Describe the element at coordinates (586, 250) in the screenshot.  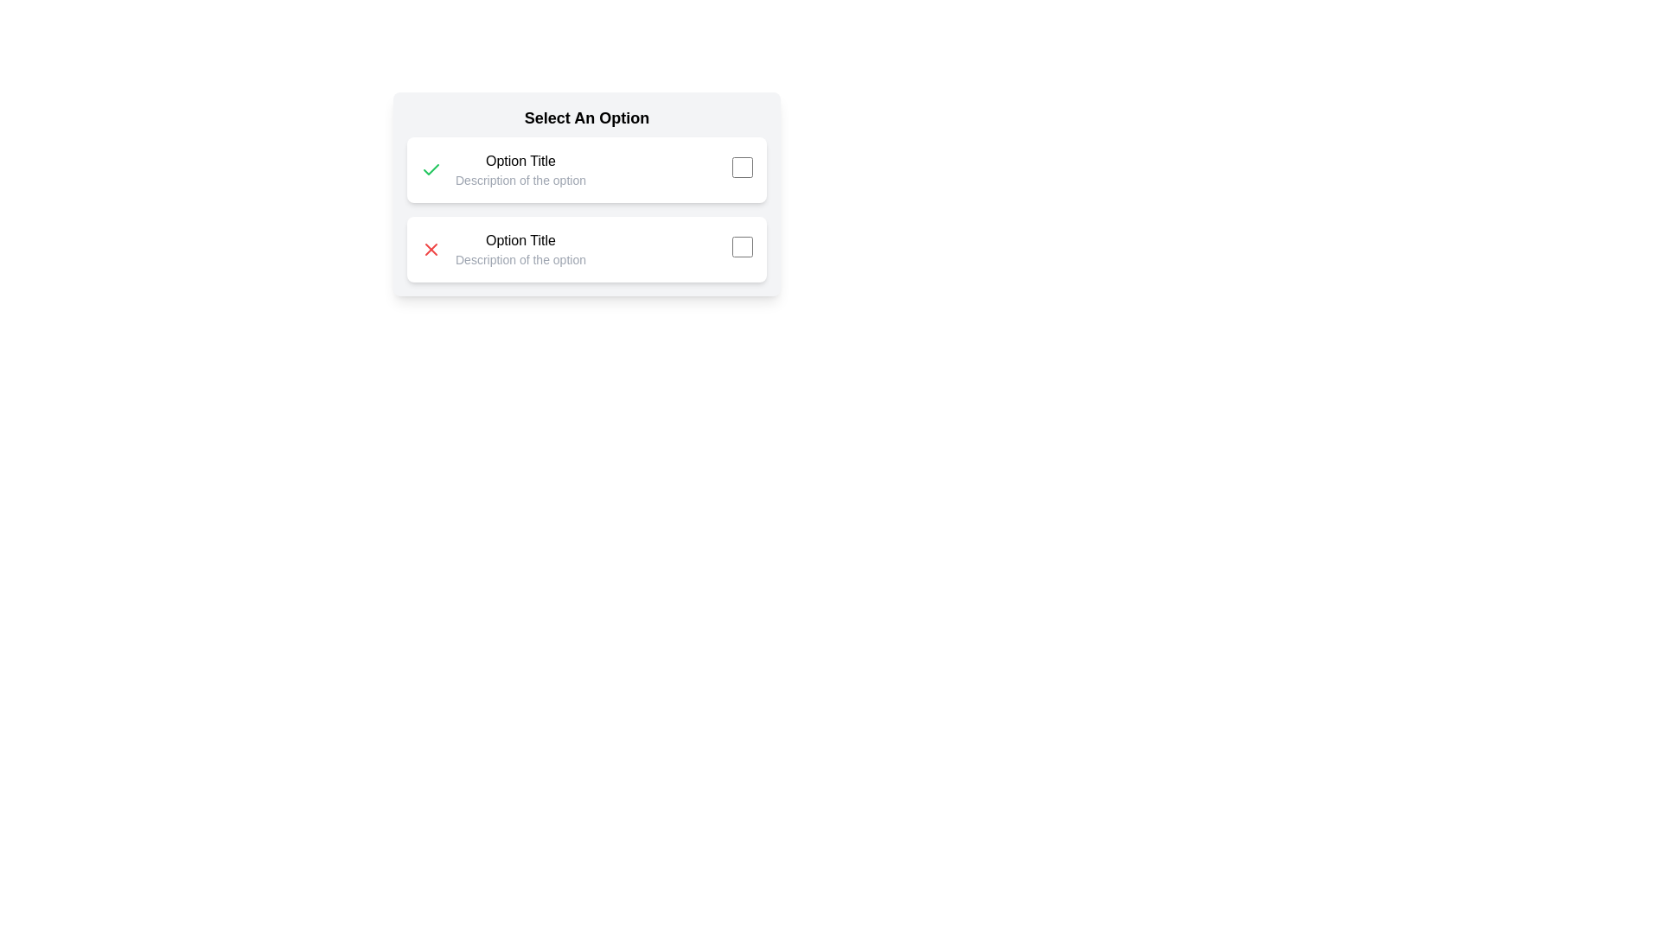
I see `the red cross icon on the Interactive option tile with a checkbox` at that location.